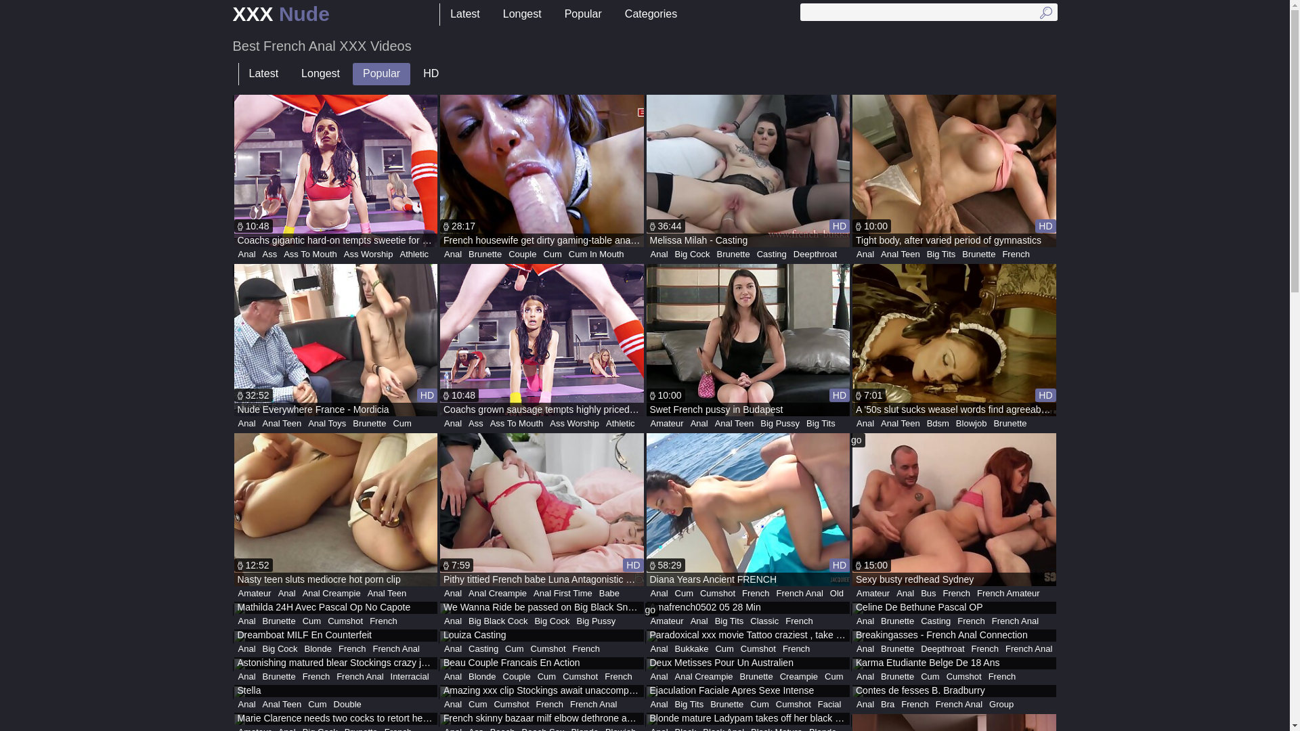 The width and height of the screenshot is (1300, 731). What do you see at coordinates (409, 676) in the screenshot?
I see `'Interracial'` at bounding box center [409, 676].